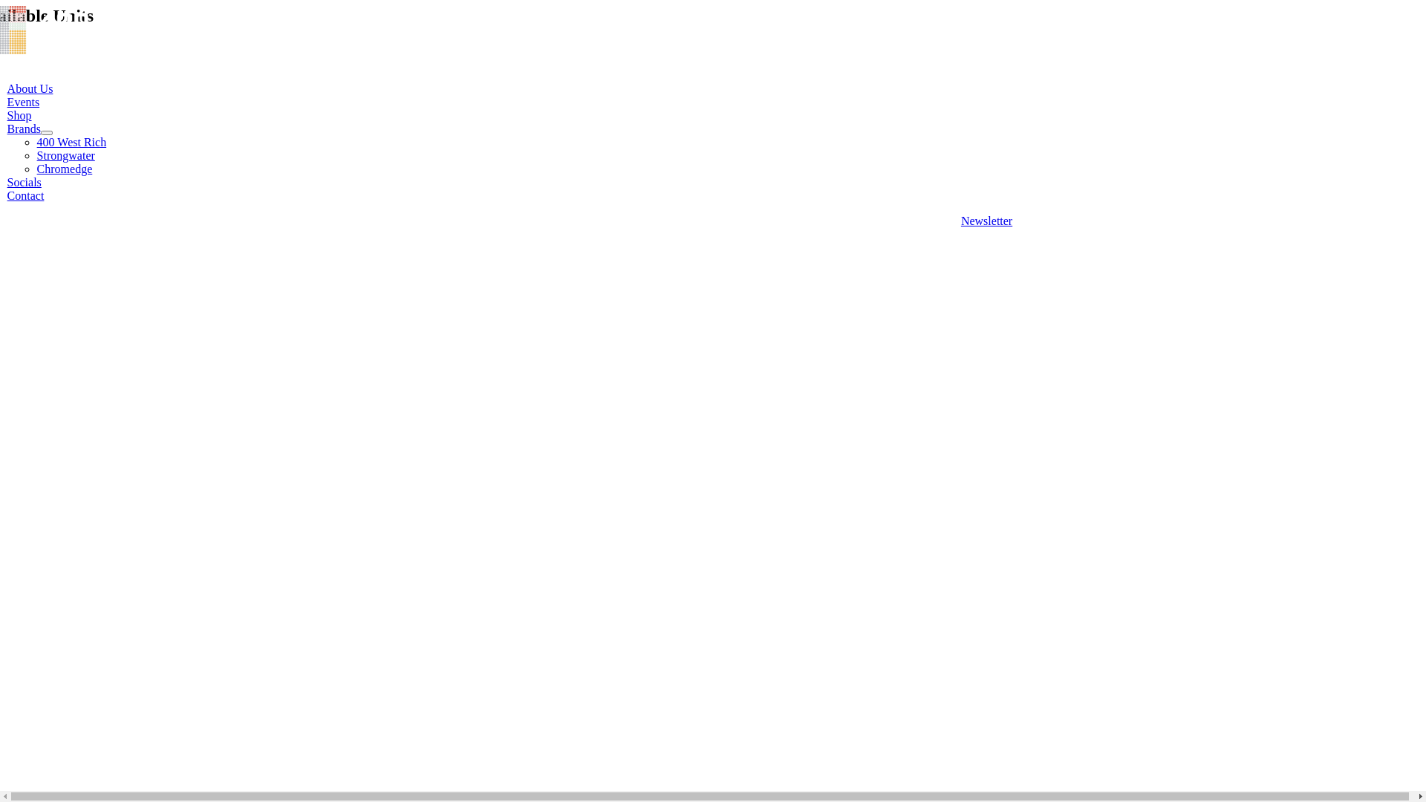 This screenshot has width=1426, height=802. I want to click on '400 West Rich', so click(71, 142).